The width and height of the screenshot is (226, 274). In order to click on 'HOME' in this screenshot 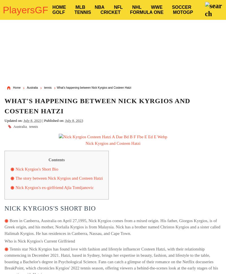, I will do `click(52, 7)`.